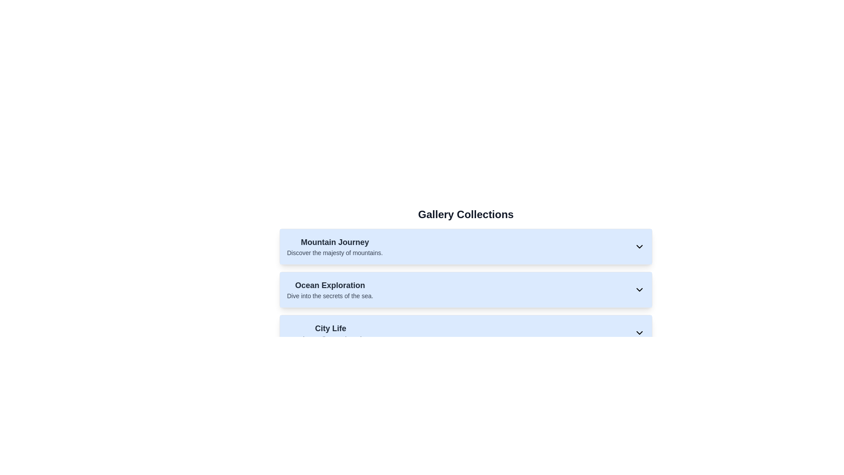 This screenshot has width=844, height=475. What do you see at coordinates (330, 296) in the screenshot?
I see `the text element reading 'Dive into the secrets of the sea.' which is styled with a smaller font size and grey color, located below 'Ocean Exploration'` at bounding box center [330, 296].